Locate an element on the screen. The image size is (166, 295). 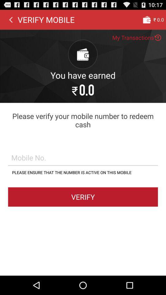
go back is located at coordinates (11, 19).